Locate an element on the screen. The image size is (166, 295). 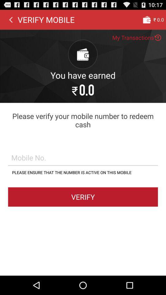
go back is located at coordinates (11, 19).